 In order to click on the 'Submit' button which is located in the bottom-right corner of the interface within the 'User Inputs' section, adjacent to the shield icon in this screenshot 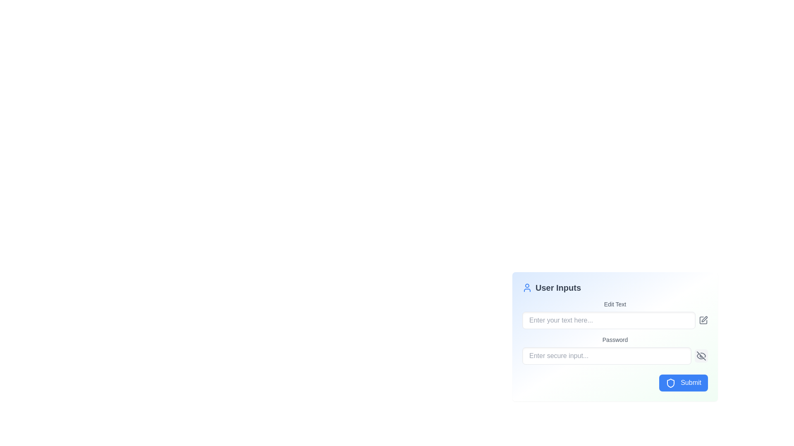, I will do `click(670, 383)`.